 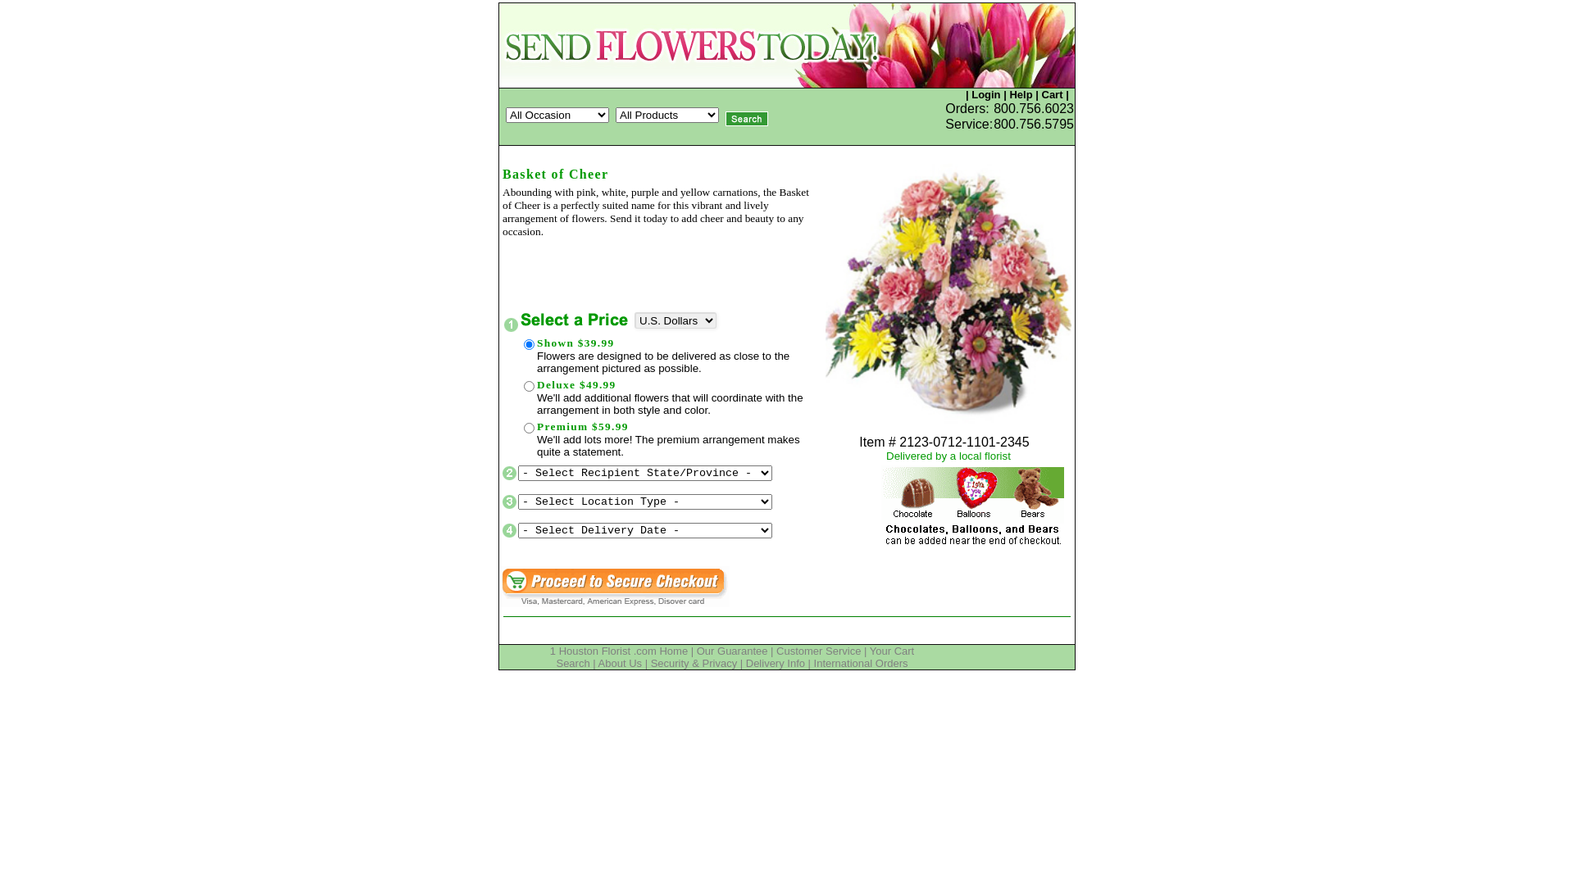 I want to click on '1 Houston Florist .com Home', so click(x=550, y=650).